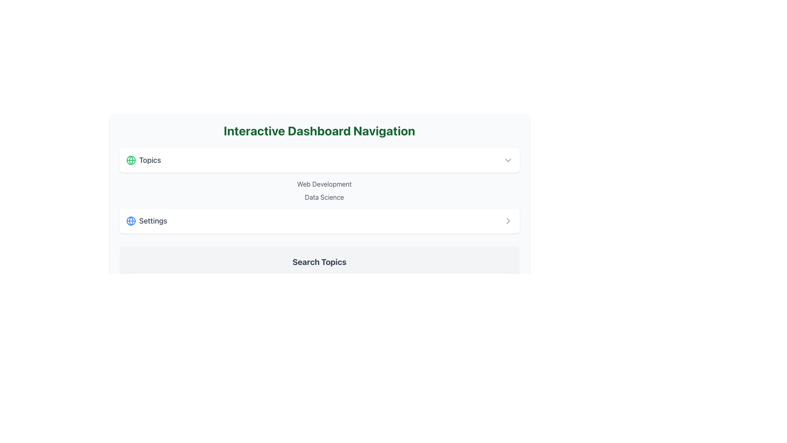 This screenshot has height=443, width=787. I want to click on the circular blue globe icon located to the left of the 'Settings' label, so click(130, 221).